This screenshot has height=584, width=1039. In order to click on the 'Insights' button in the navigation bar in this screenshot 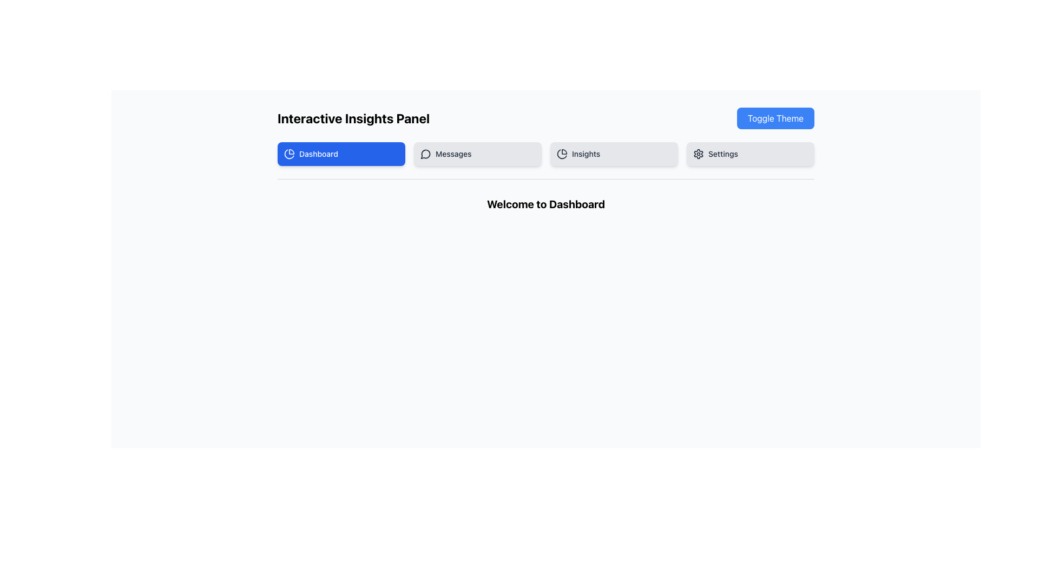, I will do `click(614, 154)`.